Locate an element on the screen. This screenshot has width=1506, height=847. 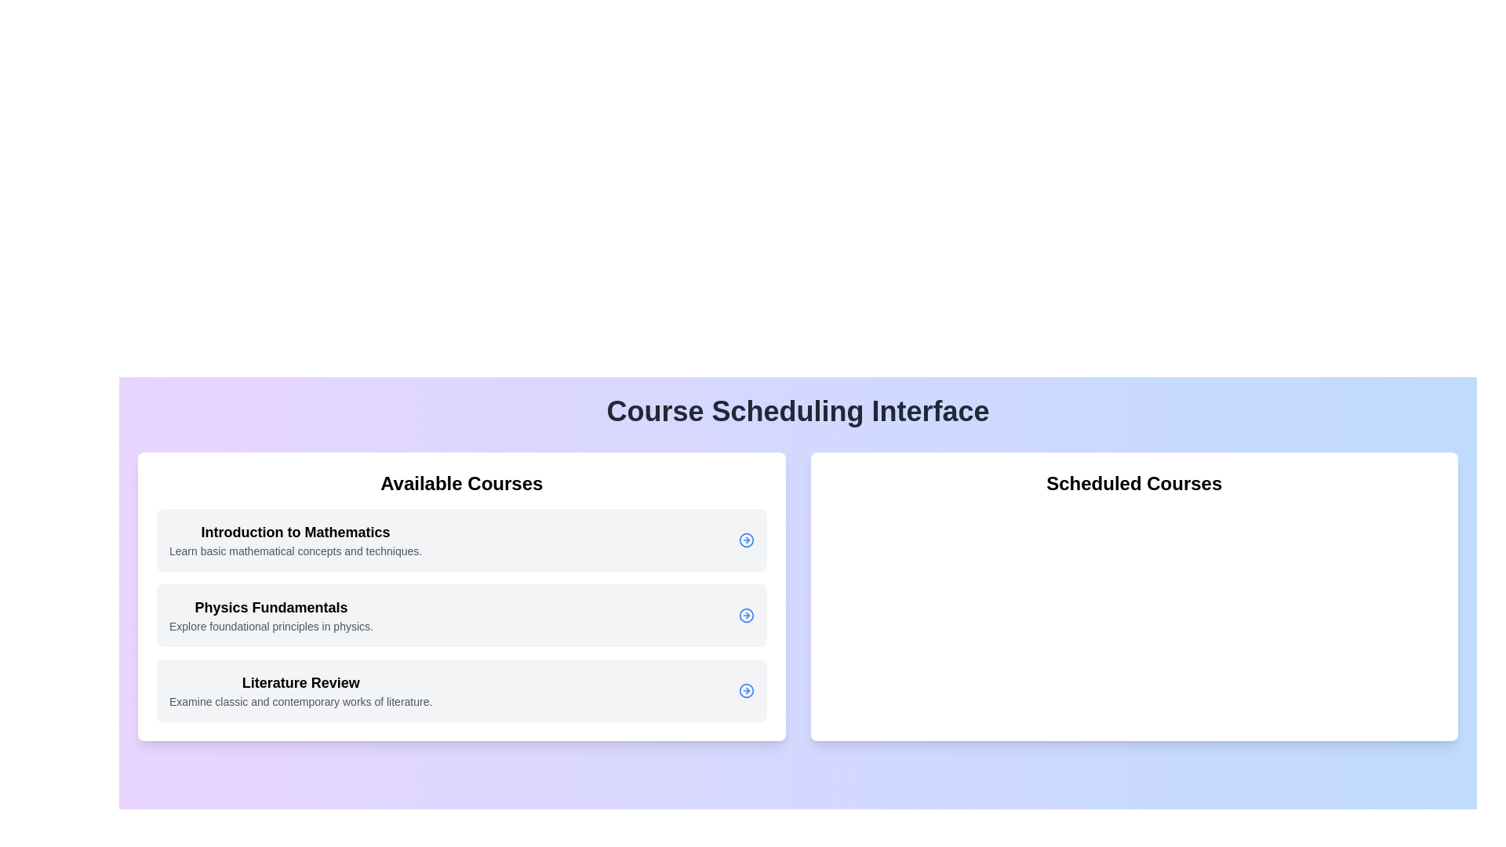
the header text for the 'Literature Review' course, which is located below the 'Physics Fundamentals' section in the left panel titled 'Available Courses' is located at coordinates (300, 682).